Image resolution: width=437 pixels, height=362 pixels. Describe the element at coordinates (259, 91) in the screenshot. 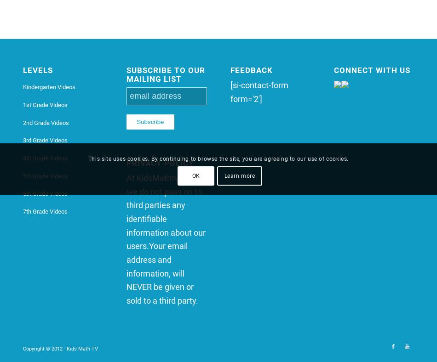

I see `'[si-contact-form form='2']'` at that location.